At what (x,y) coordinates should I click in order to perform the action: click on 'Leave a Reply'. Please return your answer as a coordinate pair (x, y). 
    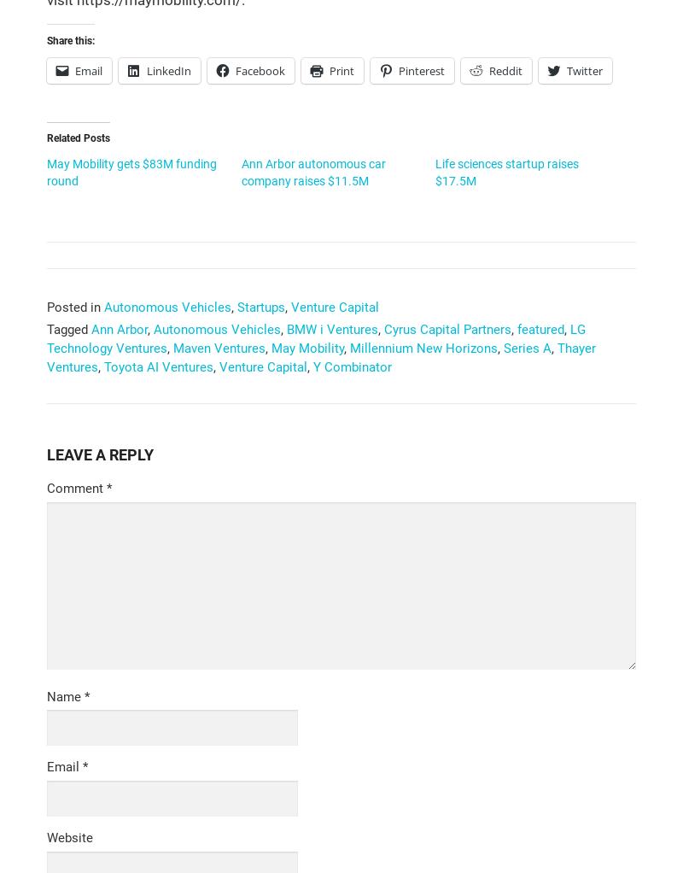
    Looking at the image, I should click on (46, 453).